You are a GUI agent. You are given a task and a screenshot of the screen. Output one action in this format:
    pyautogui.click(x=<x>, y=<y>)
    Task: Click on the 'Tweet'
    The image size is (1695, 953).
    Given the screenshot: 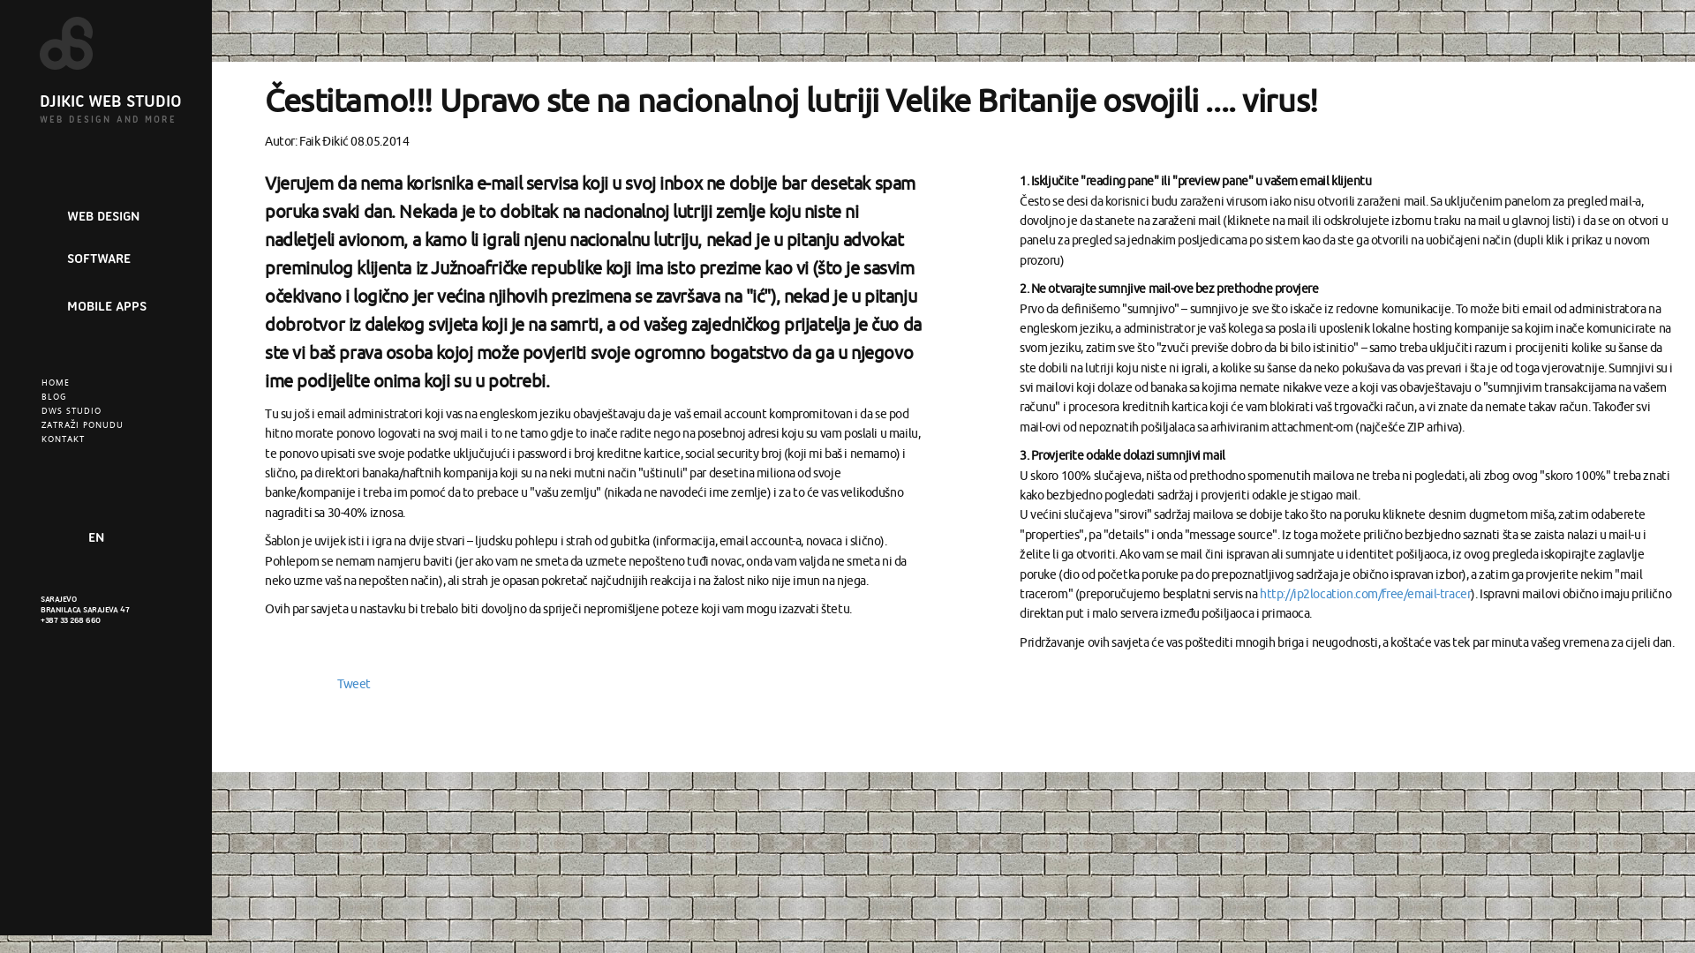 What is the action you would take?
    pyautogui.click(x=353, y=683)
    